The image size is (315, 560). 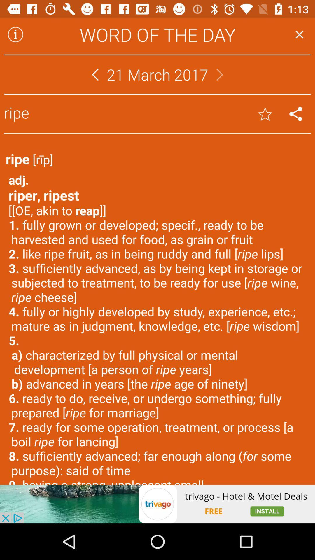 What do you see at coordinates (157, 504) in the screenshot?
I see `advertisement image` at bounding box center [157, 504].